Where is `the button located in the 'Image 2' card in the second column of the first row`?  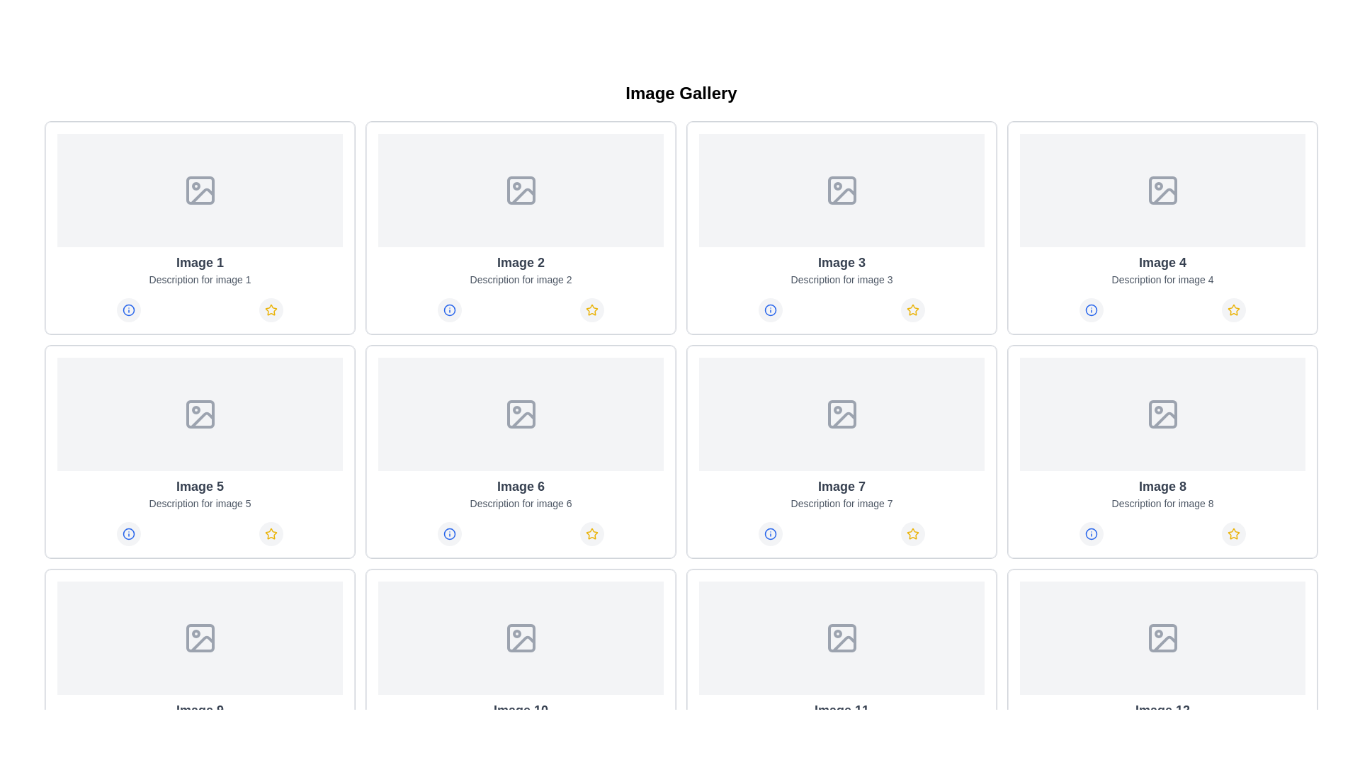
the button located in the 'Image 2' card in the second column of the first row is located at coordinates (448, 310).